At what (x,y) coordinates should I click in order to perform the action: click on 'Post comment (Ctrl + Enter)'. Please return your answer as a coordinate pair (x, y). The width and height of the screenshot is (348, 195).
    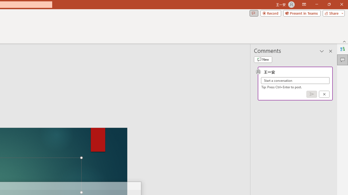
    Looking at the image, I should click on (312, 94).